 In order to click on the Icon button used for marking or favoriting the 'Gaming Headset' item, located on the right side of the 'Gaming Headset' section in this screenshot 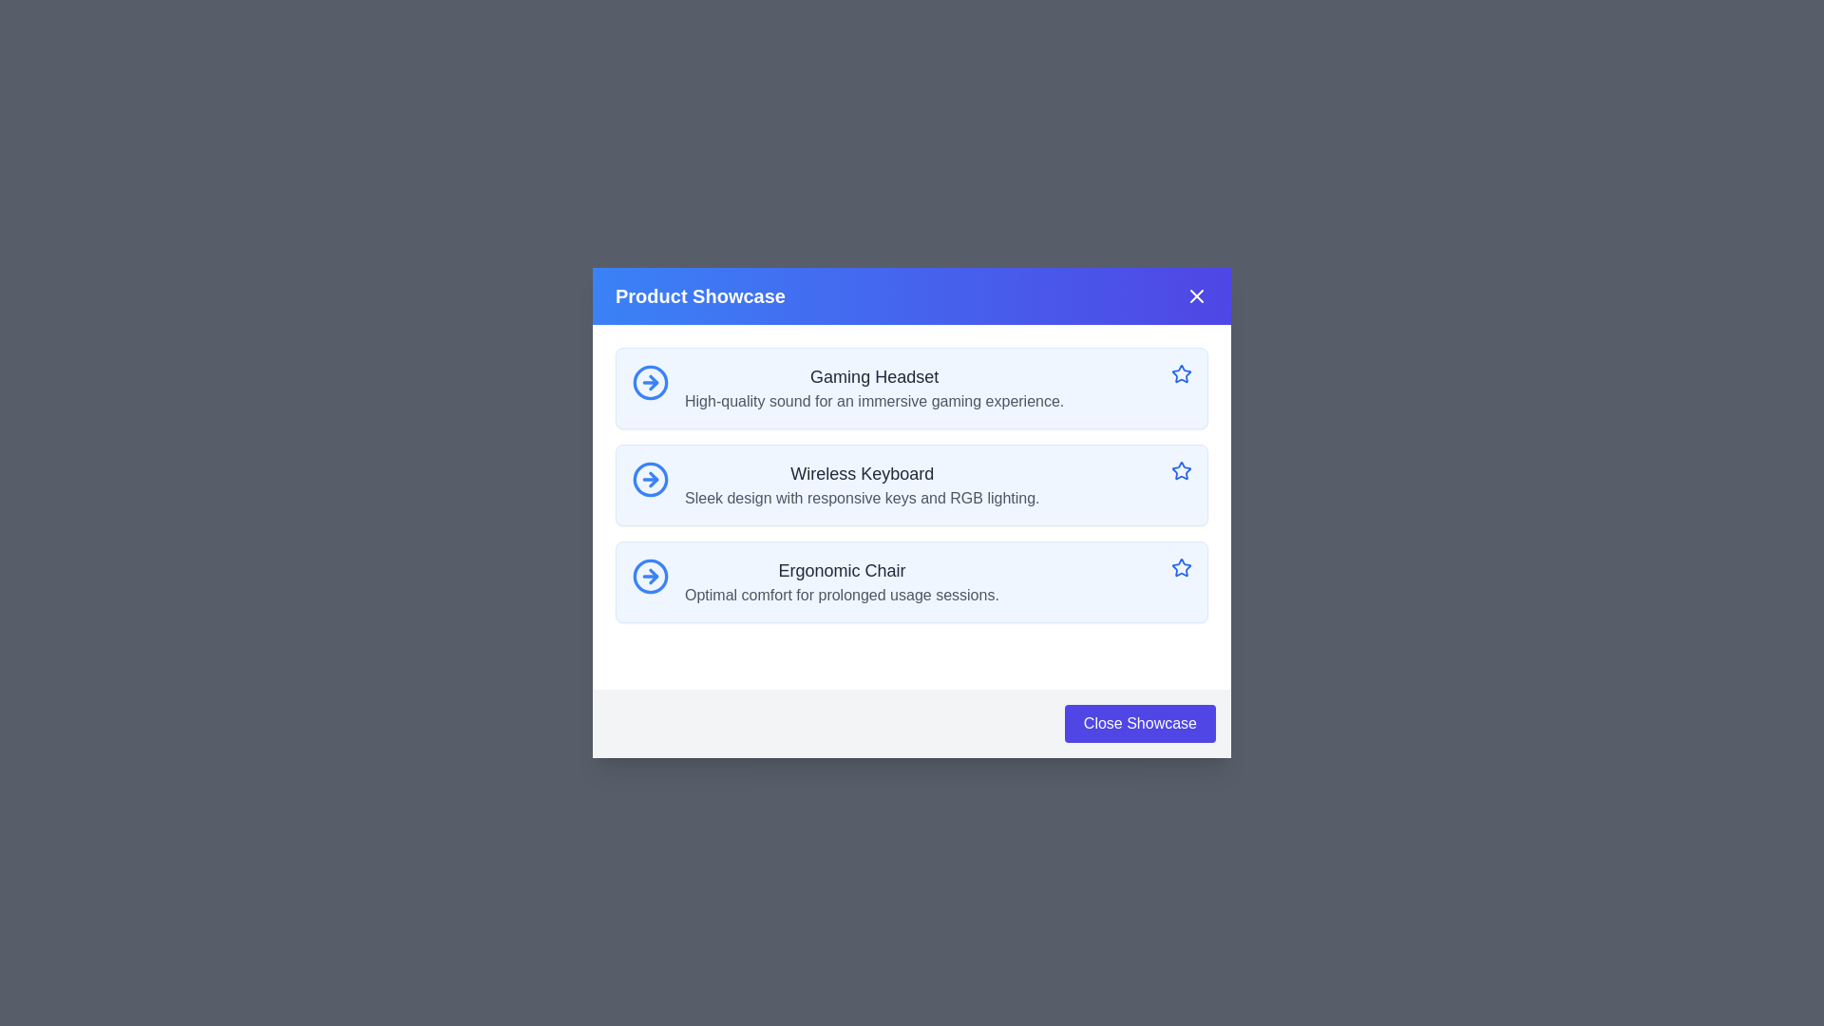, I will do `click(1180, 373)`.